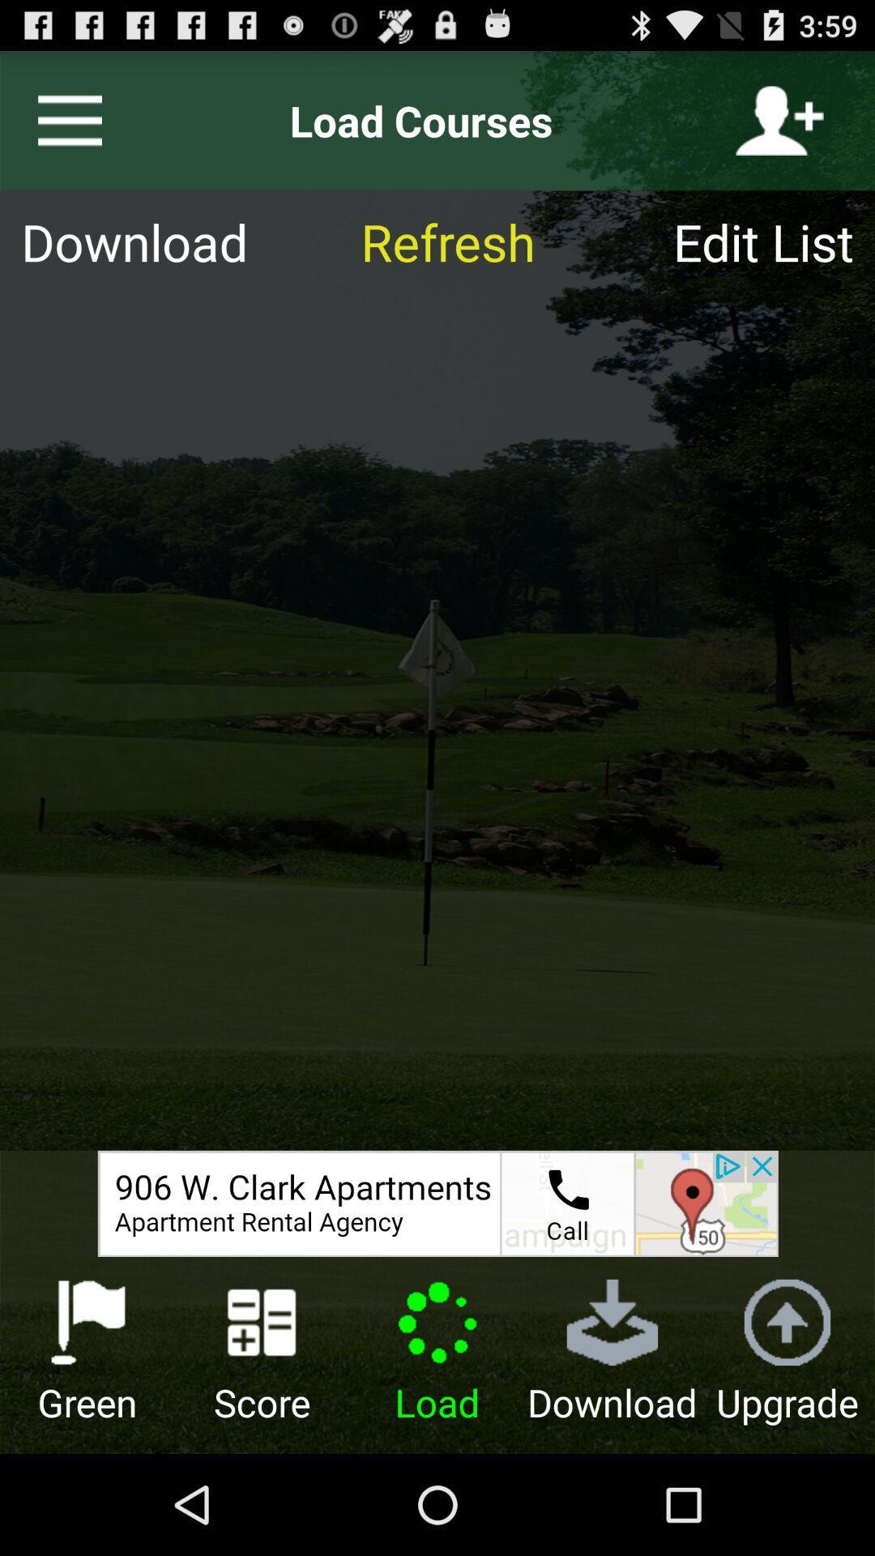  Describe the element at coordinates (62, 128) in the screenshot. I see `the menu icon` at that location.